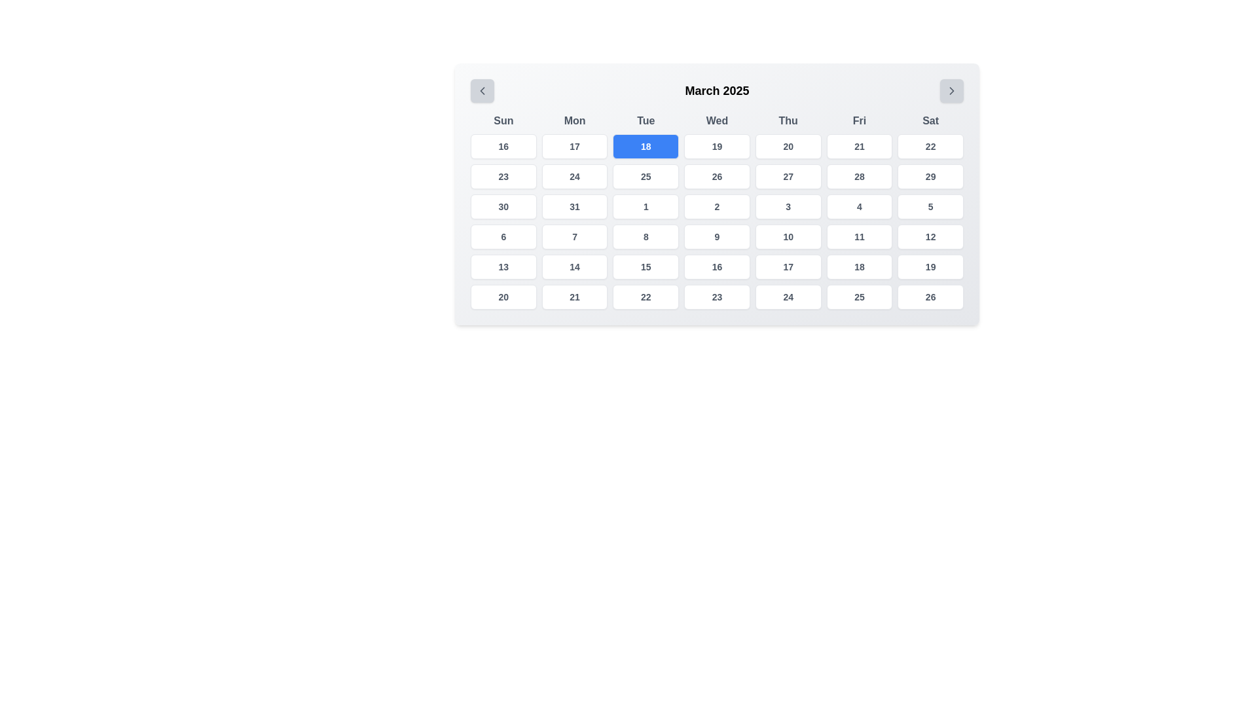  What do you see at coordinates (503, 297) in the screenshot?
I see `the date cell displaying '20' in the calendar grid under the 'Sun' column` at bounding box center [503, 297].